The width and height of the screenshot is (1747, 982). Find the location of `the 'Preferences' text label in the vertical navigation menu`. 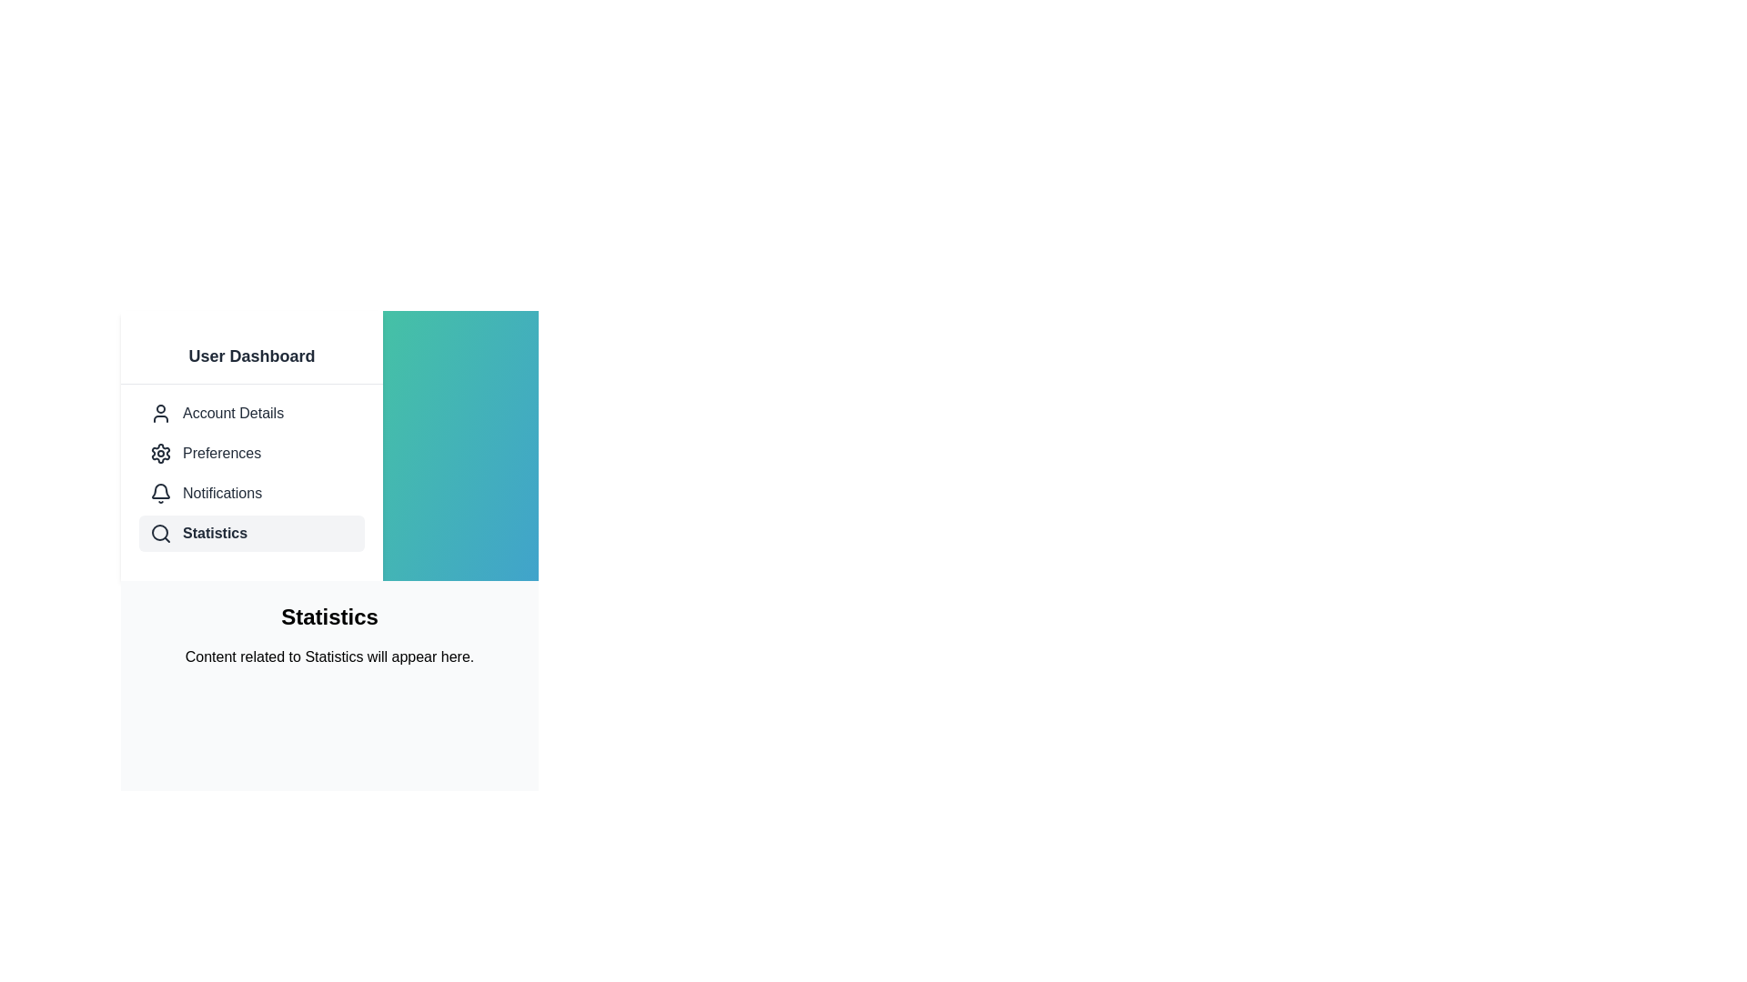

the 'Preferences' text label in the vertical navigation menu is located at coordinates (221, 452).